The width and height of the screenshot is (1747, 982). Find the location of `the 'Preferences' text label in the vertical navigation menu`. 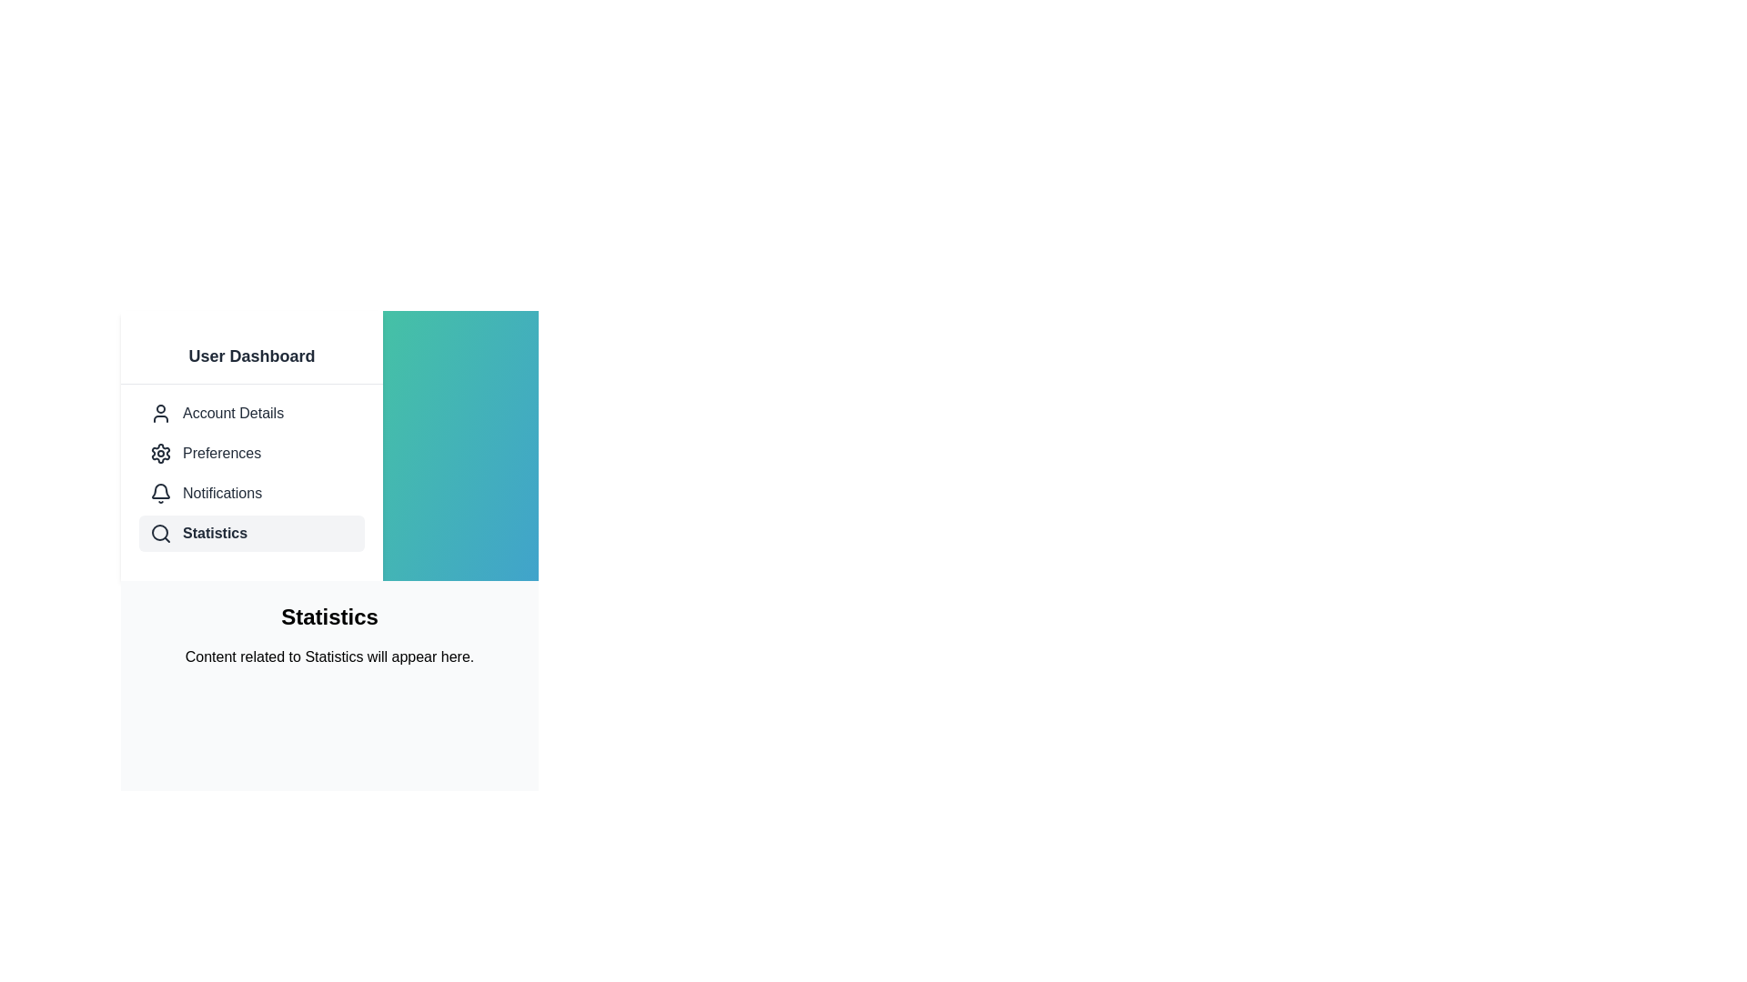

the 'Preferences' text label in the vertical navigation menu is located at coordinates (221, 452).